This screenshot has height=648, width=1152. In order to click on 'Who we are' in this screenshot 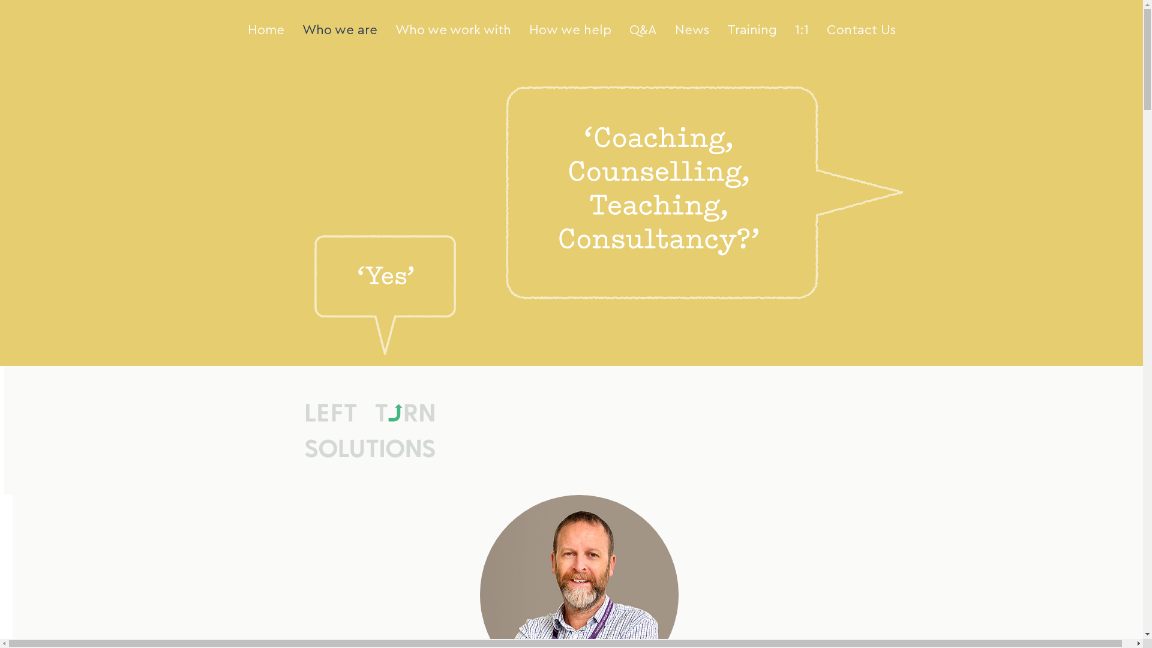, I will do `click(338, 29)`.